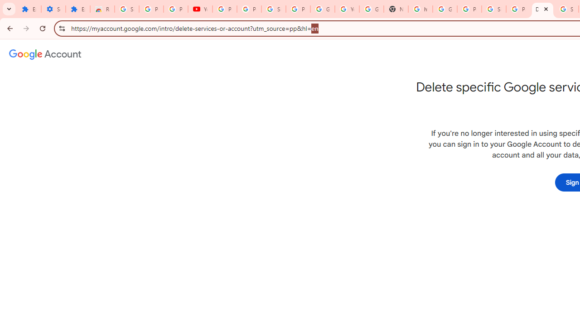  What do you see at coordinates (420, 9) in the screenshot?
I see `'https://scholar.google.com/'` at bounding box center [420, 9].